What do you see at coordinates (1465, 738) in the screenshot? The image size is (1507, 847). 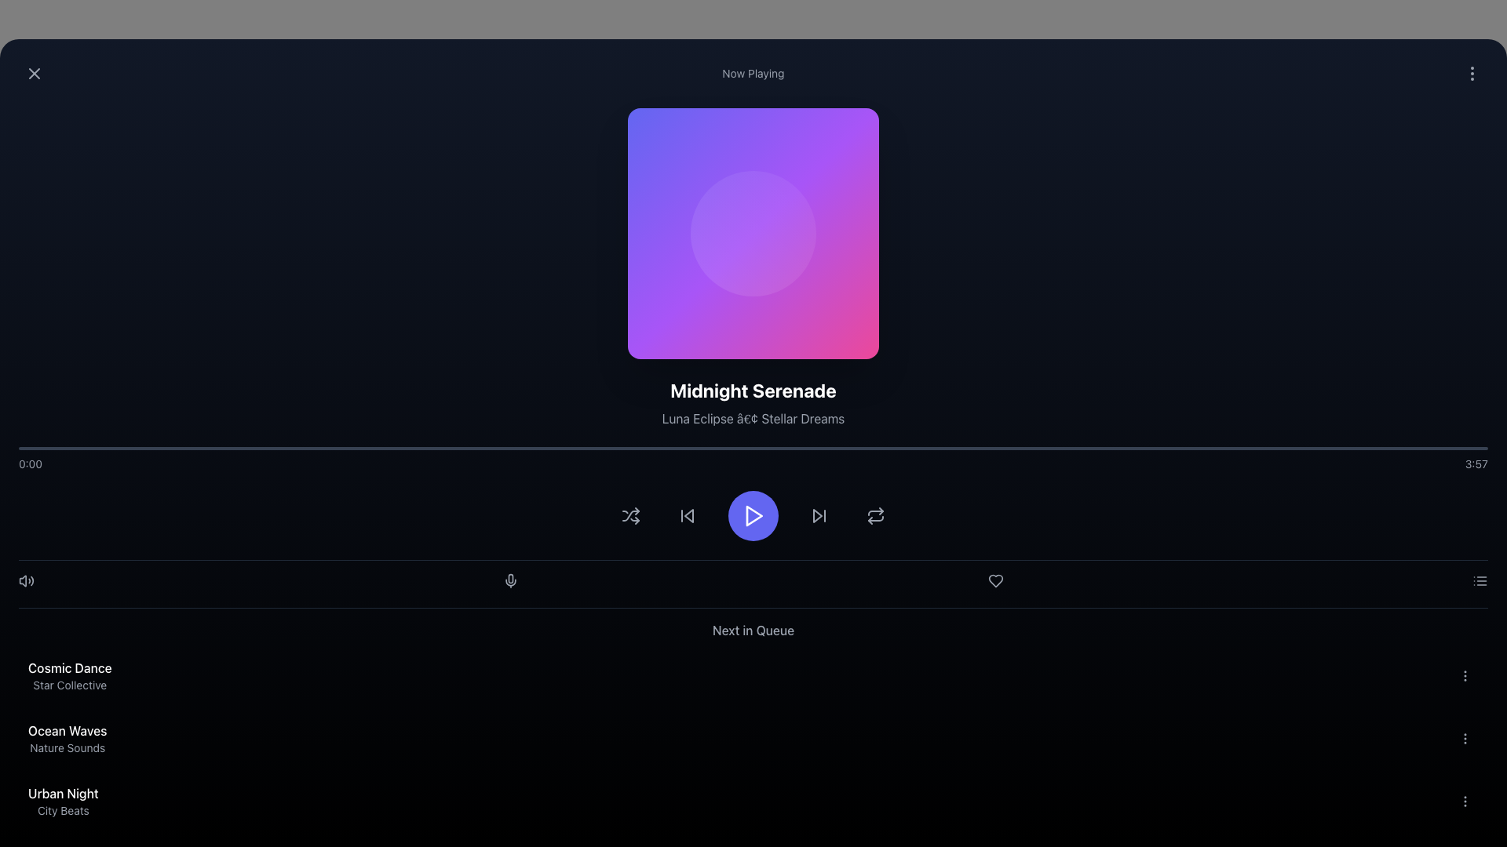 I see `the ellipsis icon for menu/context options located in the bottom-right corner of the user interface` at bounding box center [1465, 738].